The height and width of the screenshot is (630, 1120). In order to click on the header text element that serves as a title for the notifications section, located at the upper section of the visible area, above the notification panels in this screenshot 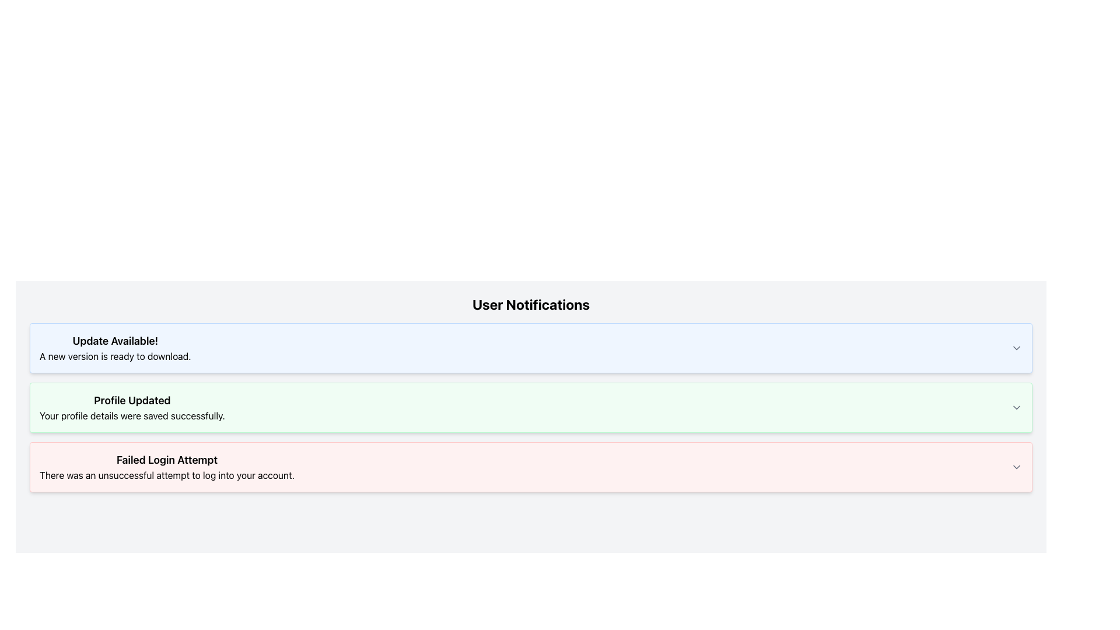, I will do `click(530, 303)`.